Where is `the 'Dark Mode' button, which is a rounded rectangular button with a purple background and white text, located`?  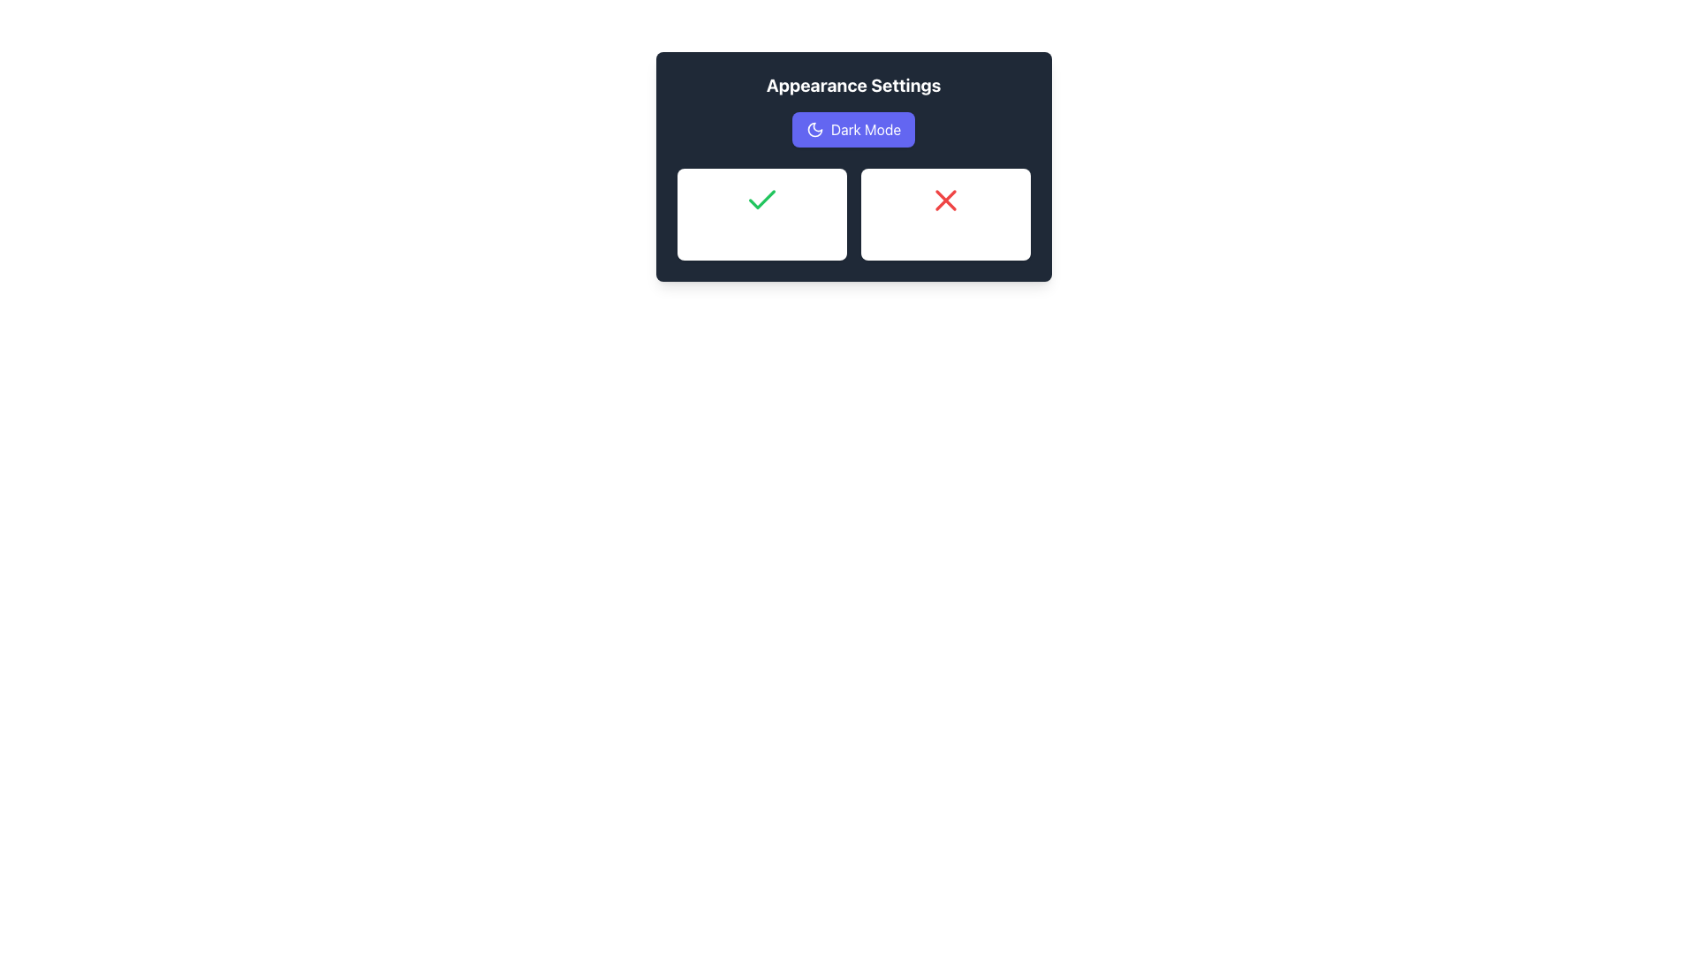 the 'Dark Mode' button, which is a rounded rectangular button with a purple background and white text, located is located at coordinates (853, 128).